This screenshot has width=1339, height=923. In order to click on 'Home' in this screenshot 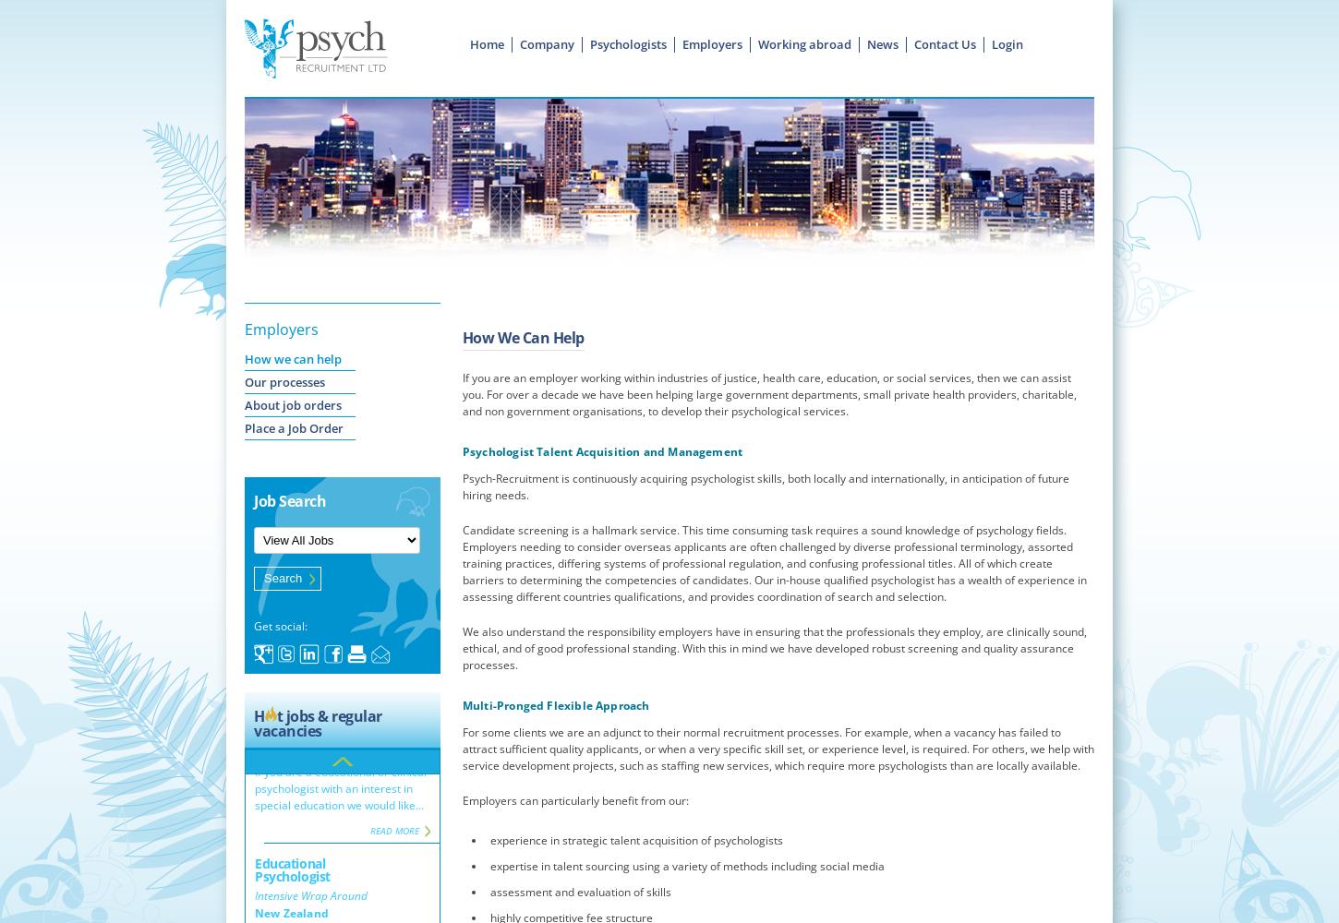, I will do `click(486, 44)`.